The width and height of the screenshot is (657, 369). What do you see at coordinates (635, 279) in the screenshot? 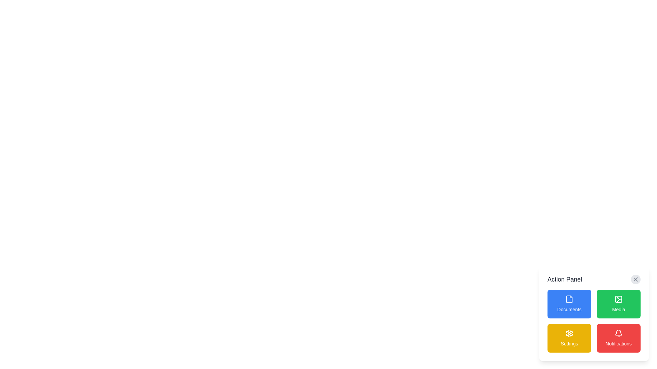
I see `the Close button, which is represented by a small 'X' shape icon within a rounded background at the top-right corner of the Action Panel` at bounding box center [635, 279].